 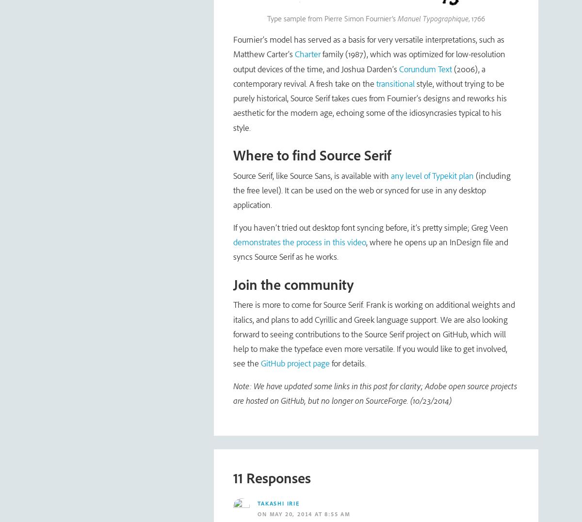 I want to click on 'family (1987), which was optimized for low-resolution output devices of the time, and Joshua Darden’s', so click(x=232, y=61).